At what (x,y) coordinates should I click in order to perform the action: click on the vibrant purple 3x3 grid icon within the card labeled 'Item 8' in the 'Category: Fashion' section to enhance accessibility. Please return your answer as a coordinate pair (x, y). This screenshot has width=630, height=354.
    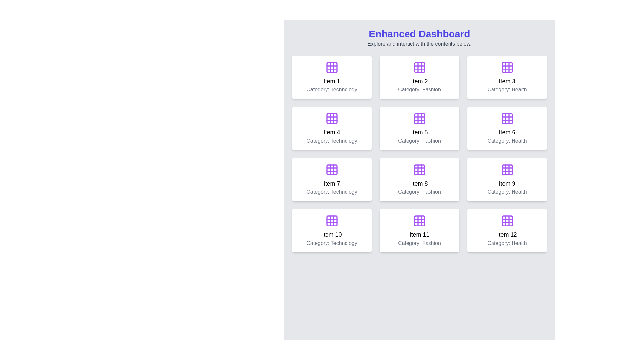
    Looking at the image, I should click on (419, 169).